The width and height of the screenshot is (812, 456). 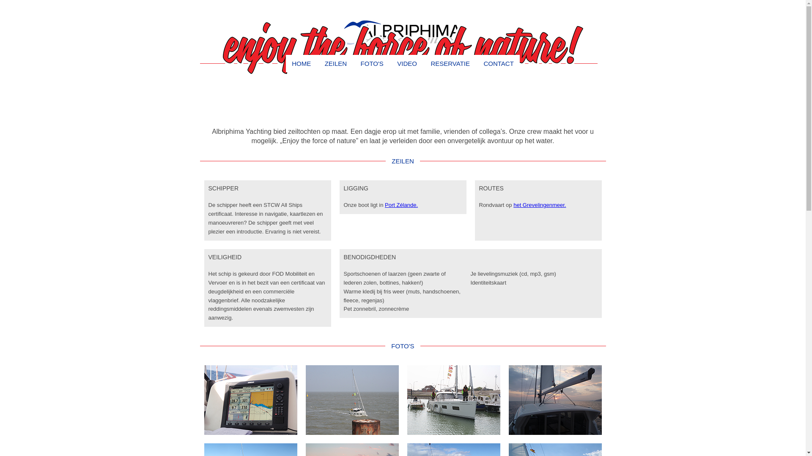 I want to click on 'CONTACT', so click(x=477, y=63).